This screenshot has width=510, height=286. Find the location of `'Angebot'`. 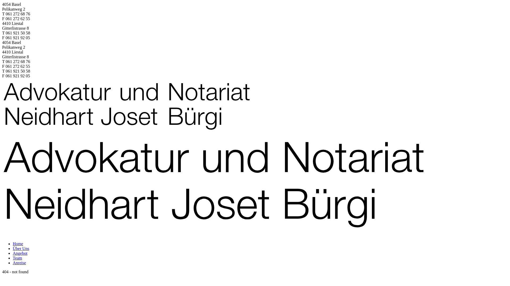

'Angebot' is located at coordinates (20, 253).